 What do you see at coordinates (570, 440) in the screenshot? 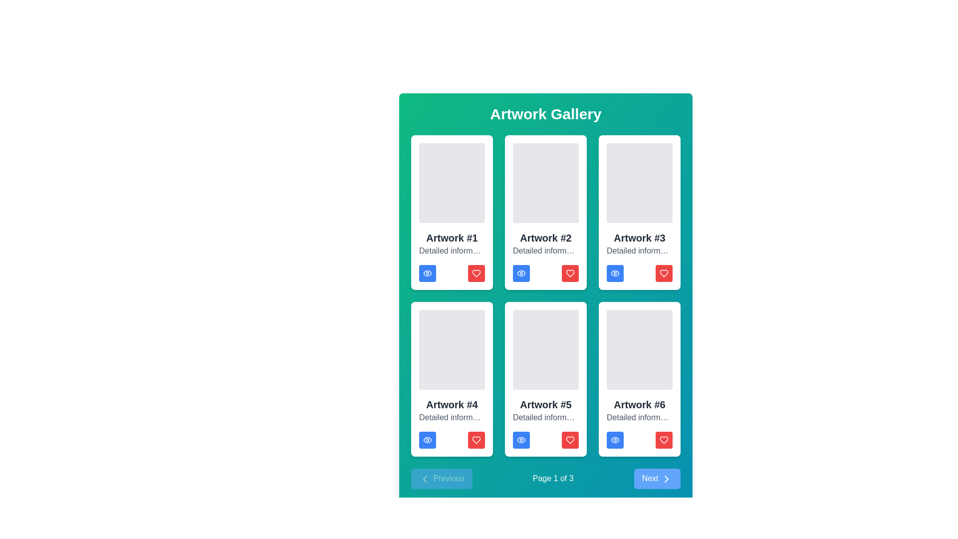
I see `the heart SVG icon, which is styled with a red fill and is part of a red button with rounded corners located at the bottom-right of a card element in the actions area` at bounding box center [570, 440].